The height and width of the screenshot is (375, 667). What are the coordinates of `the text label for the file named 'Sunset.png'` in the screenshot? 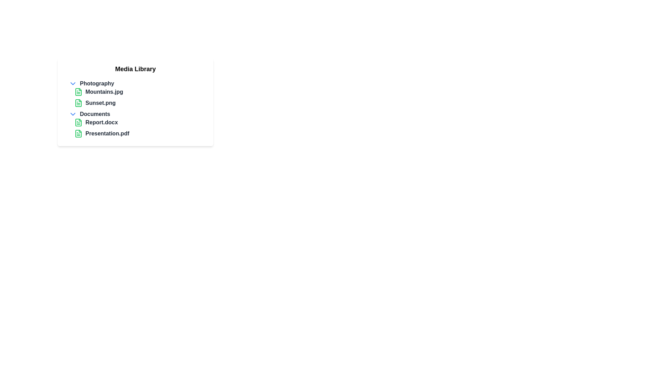 It's located at (100, 103).